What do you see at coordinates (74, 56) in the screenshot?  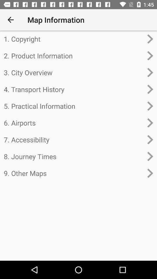 I see `2. product information` at bounding box center [74, 56].